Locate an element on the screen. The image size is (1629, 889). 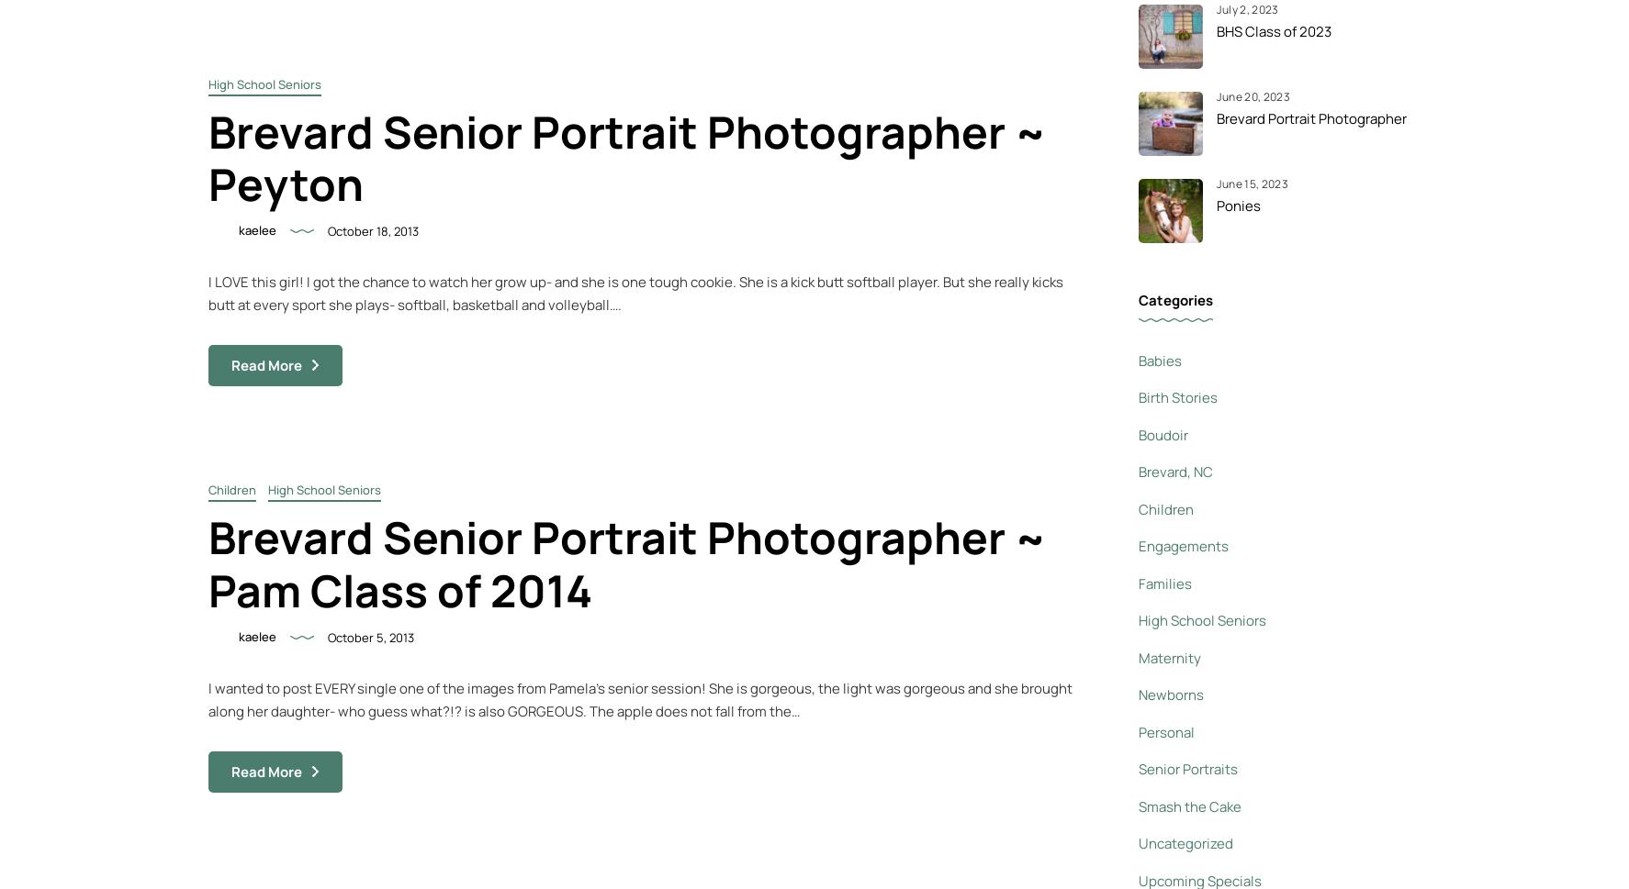
'Boudoir' is located at coordinates (1161, 434).